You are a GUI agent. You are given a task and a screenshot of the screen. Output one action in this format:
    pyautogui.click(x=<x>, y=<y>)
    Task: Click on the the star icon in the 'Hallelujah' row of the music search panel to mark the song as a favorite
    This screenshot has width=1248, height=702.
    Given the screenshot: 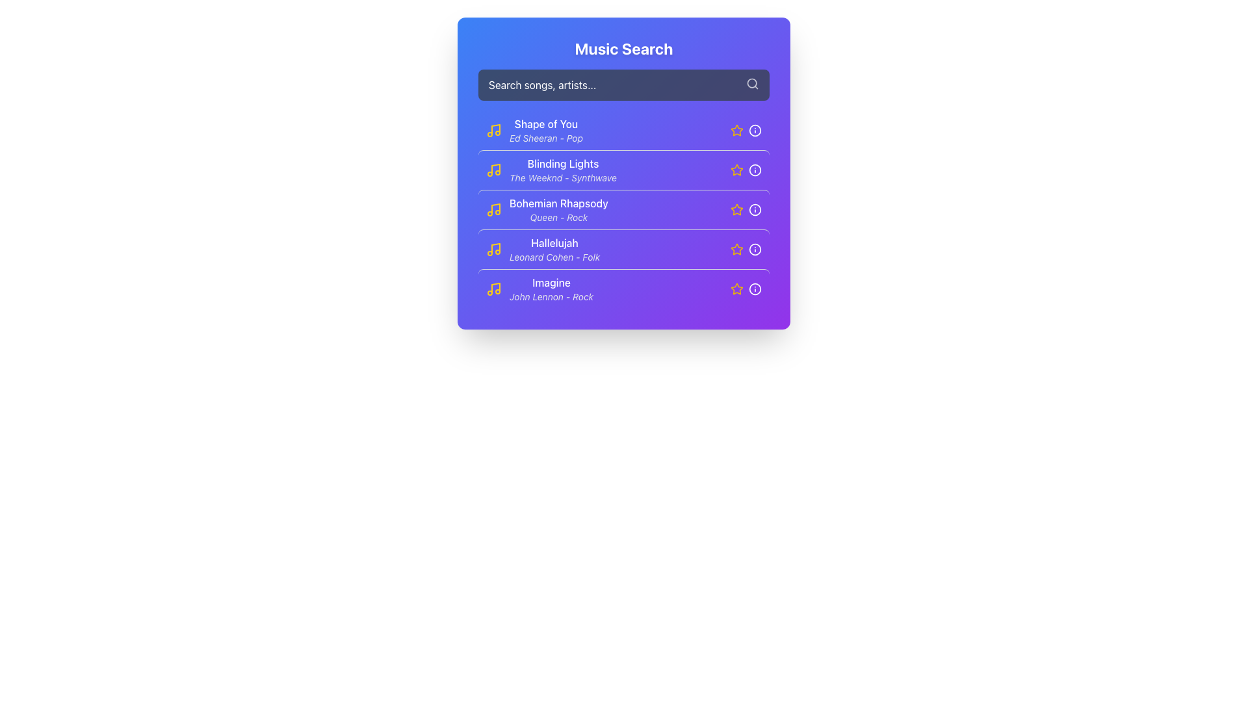 What is the action you would take?
    pyautogui.click(x=736, y=250)
    